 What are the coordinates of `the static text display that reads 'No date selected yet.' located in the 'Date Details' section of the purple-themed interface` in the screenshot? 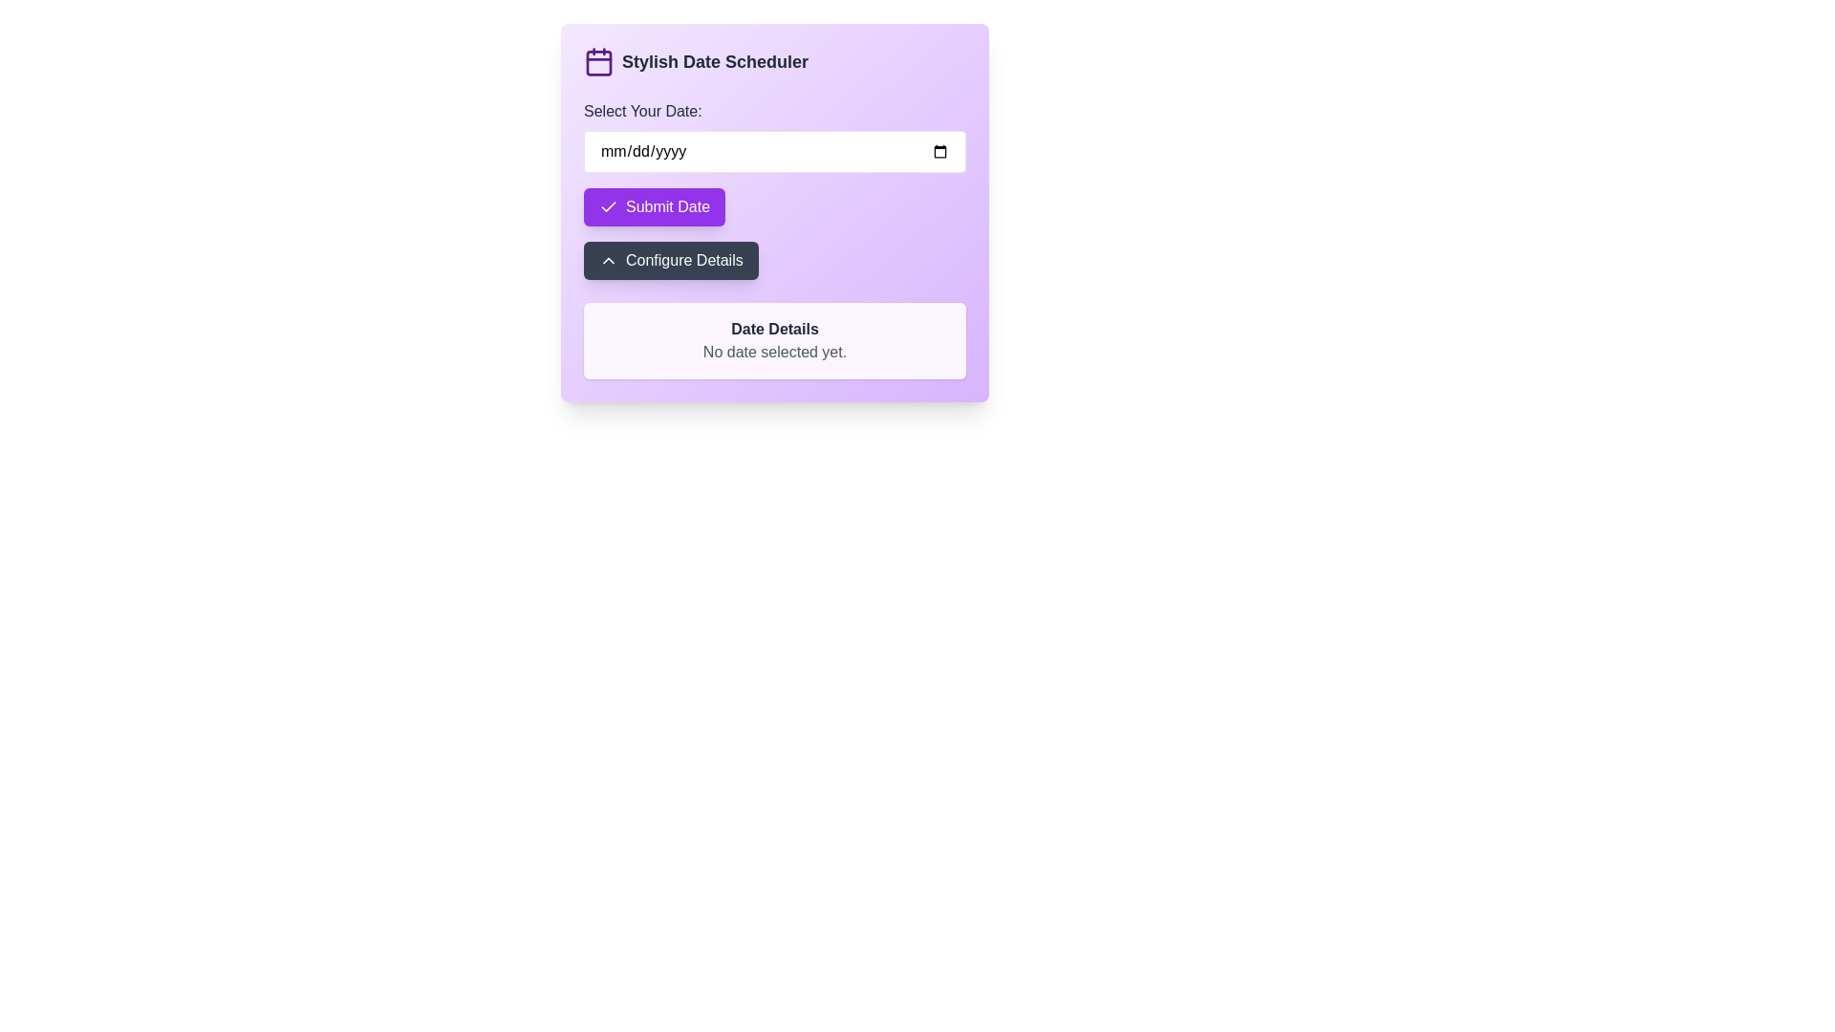 It's located at (775, 353).